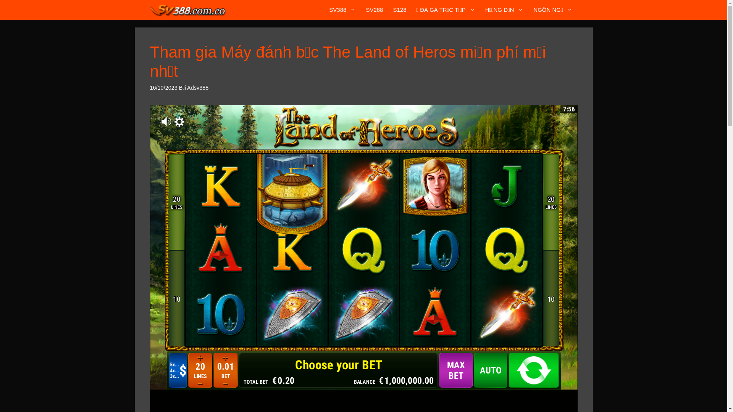 This screenshot has height=412, width=733. Describe the element at coordinates (198, 87) in the screenshot. I see `'Adsv388'` at that location.